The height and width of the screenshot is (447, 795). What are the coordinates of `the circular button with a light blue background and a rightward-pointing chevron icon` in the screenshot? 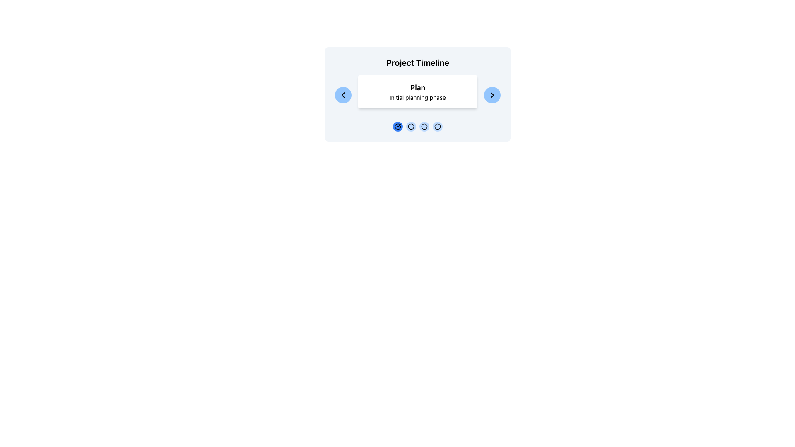 It's located at (492, 95).